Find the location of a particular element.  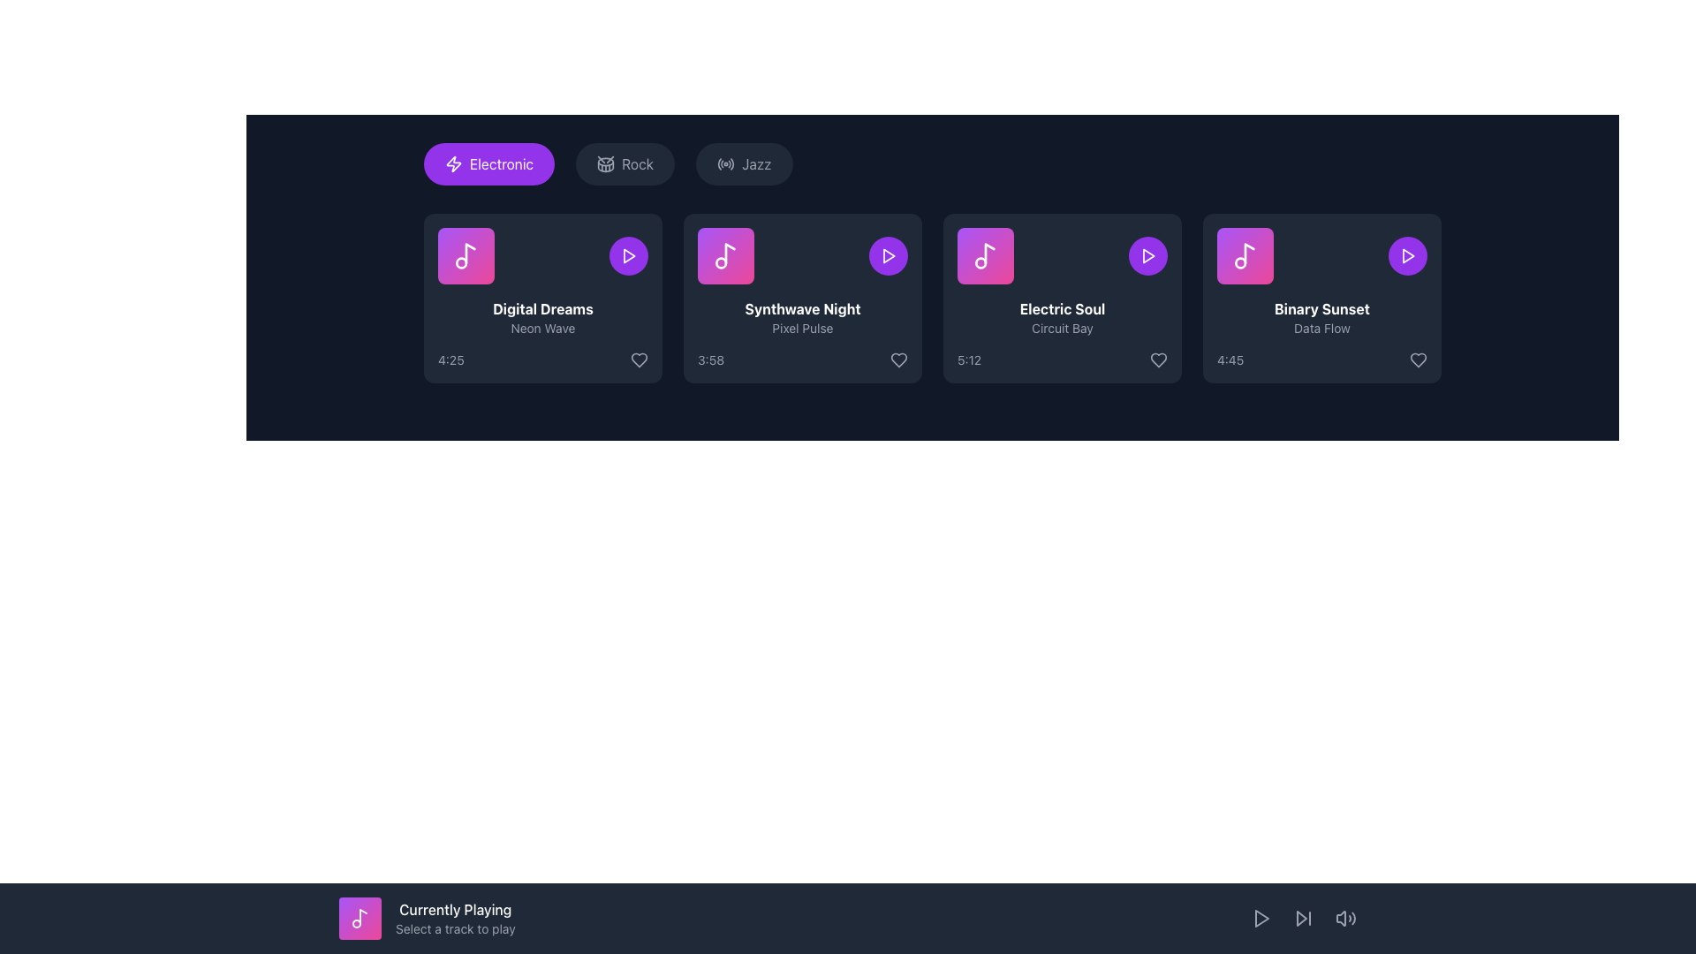

the text label displaying the runtime of the music item 'Binary Sunset' located in the bottom-left corner of the music card is located at coordinates (1230, 360).